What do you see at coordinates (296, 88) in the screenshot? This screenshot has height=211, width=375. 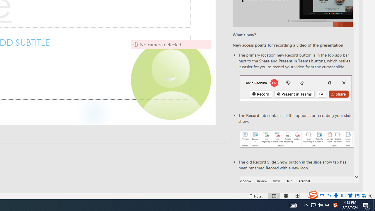 I see `'Record button in top bar'` at bounding box center [296, 88].